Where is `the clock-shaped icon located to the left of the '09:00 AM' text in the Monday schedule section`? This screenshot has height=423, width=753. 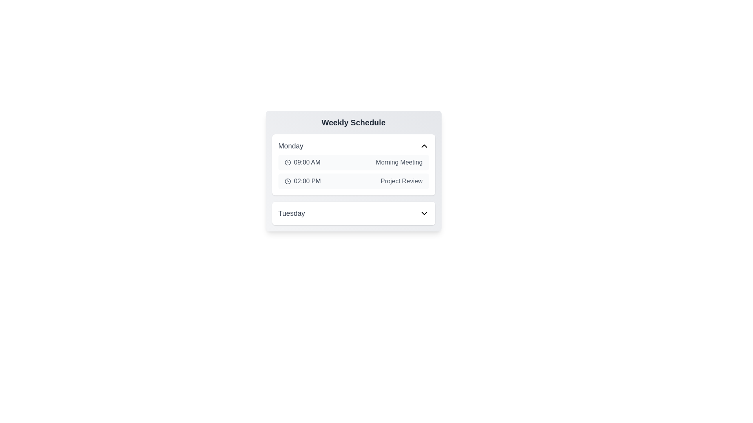 the clock-shaped icon located to the left of the '09:00 AM' text in the Monday schedule section is located at coordinates (287, 162).